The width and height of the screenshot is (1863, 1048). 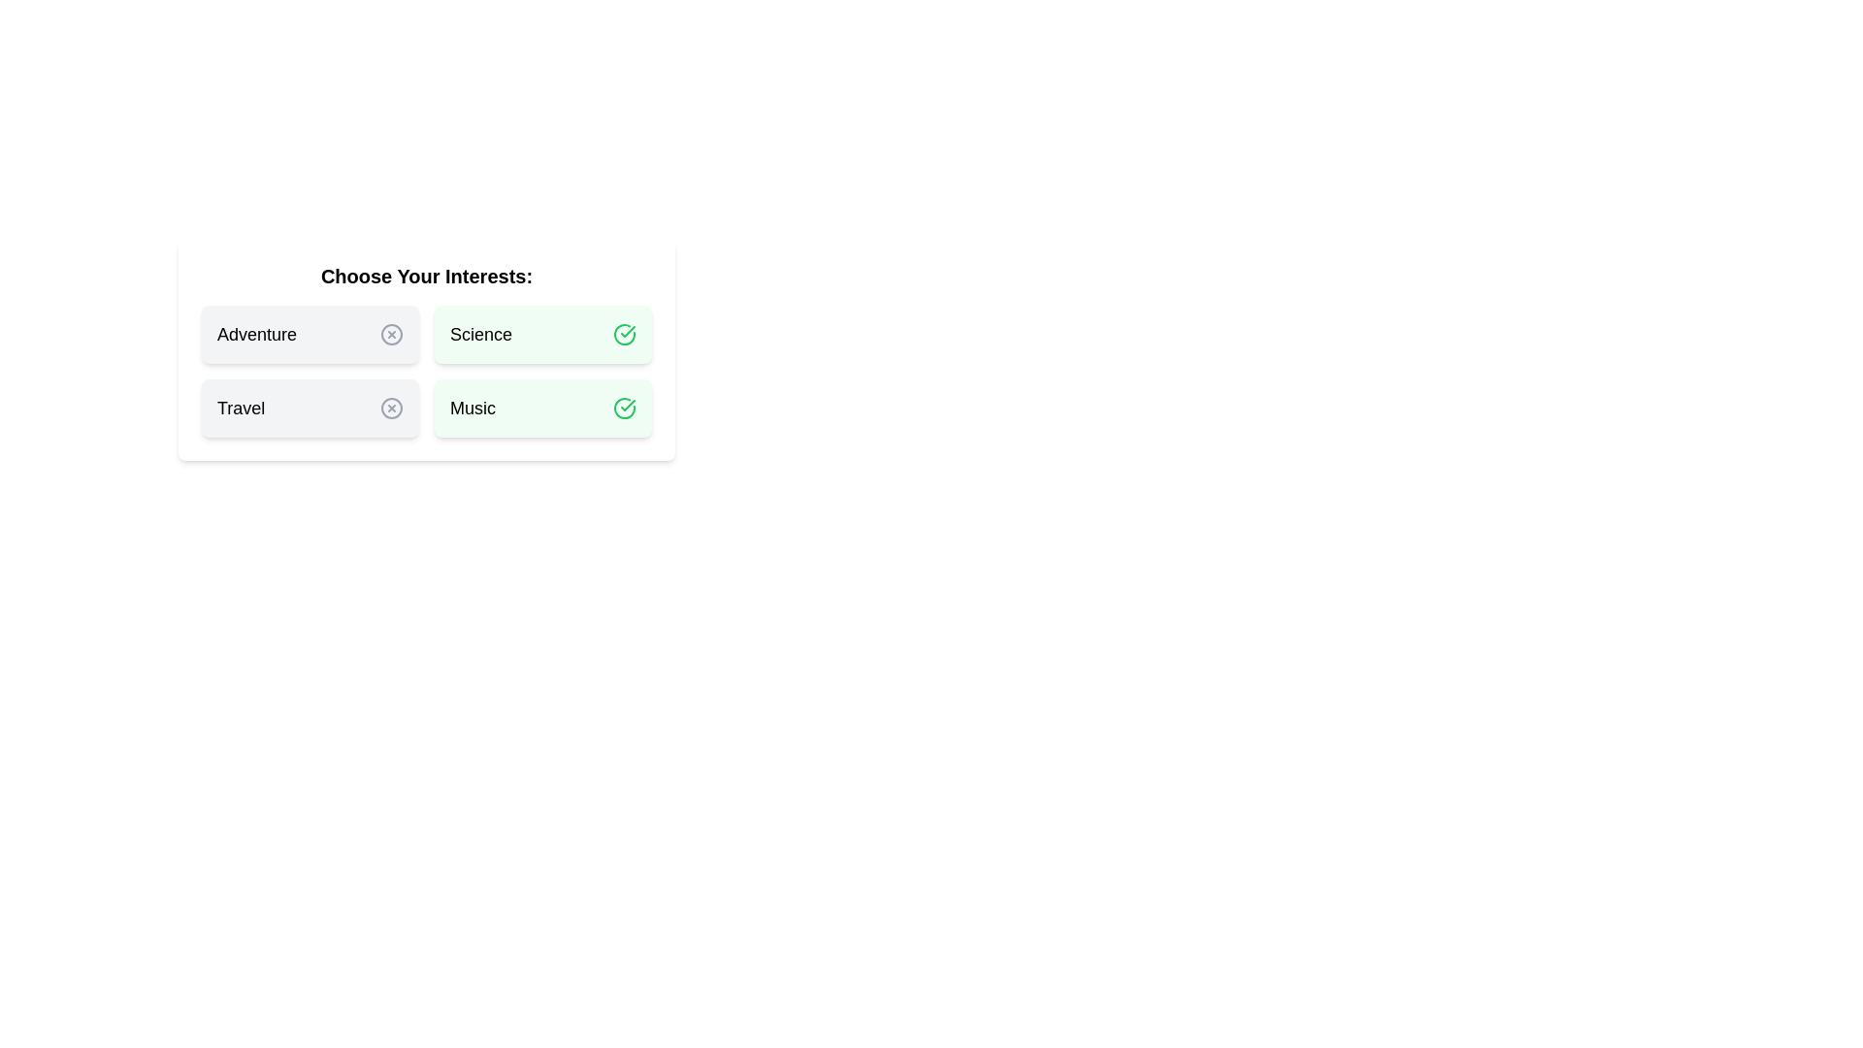 What do you see at coordinates (310, 333) in the screenshot?
I see `the chip labeled Adventure` at bounding box center [310, 333].